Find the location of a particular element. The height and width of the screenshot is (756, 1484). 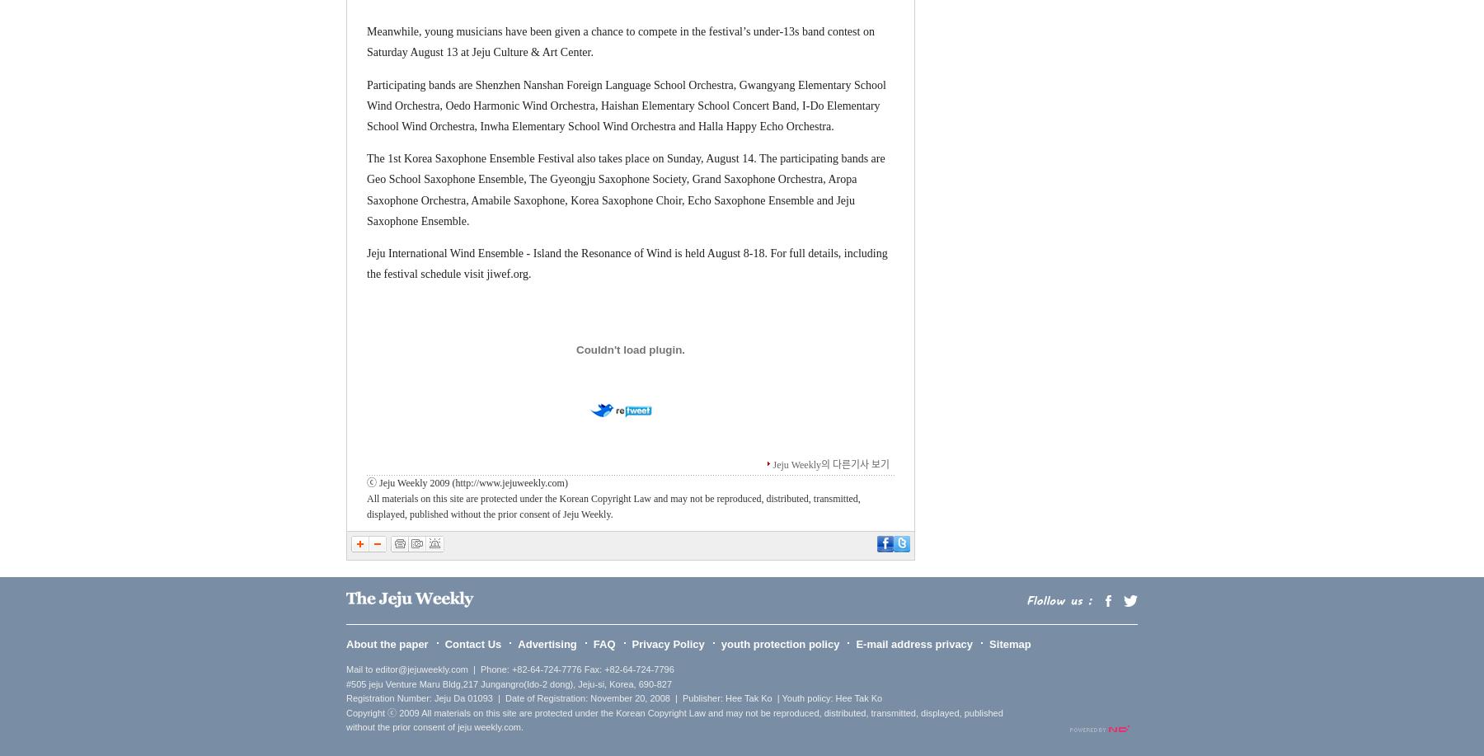

'youth protection policy' is located at coordinates (779, 642).